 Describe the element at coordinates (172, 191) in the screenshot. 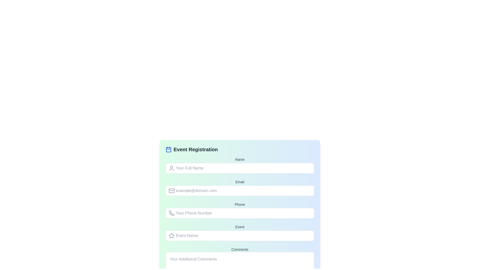

I see `the email icon, which resembles a gray envelope with a rectangular outline and a triangular flap, located to the left of the 'Email' input field` at that location.